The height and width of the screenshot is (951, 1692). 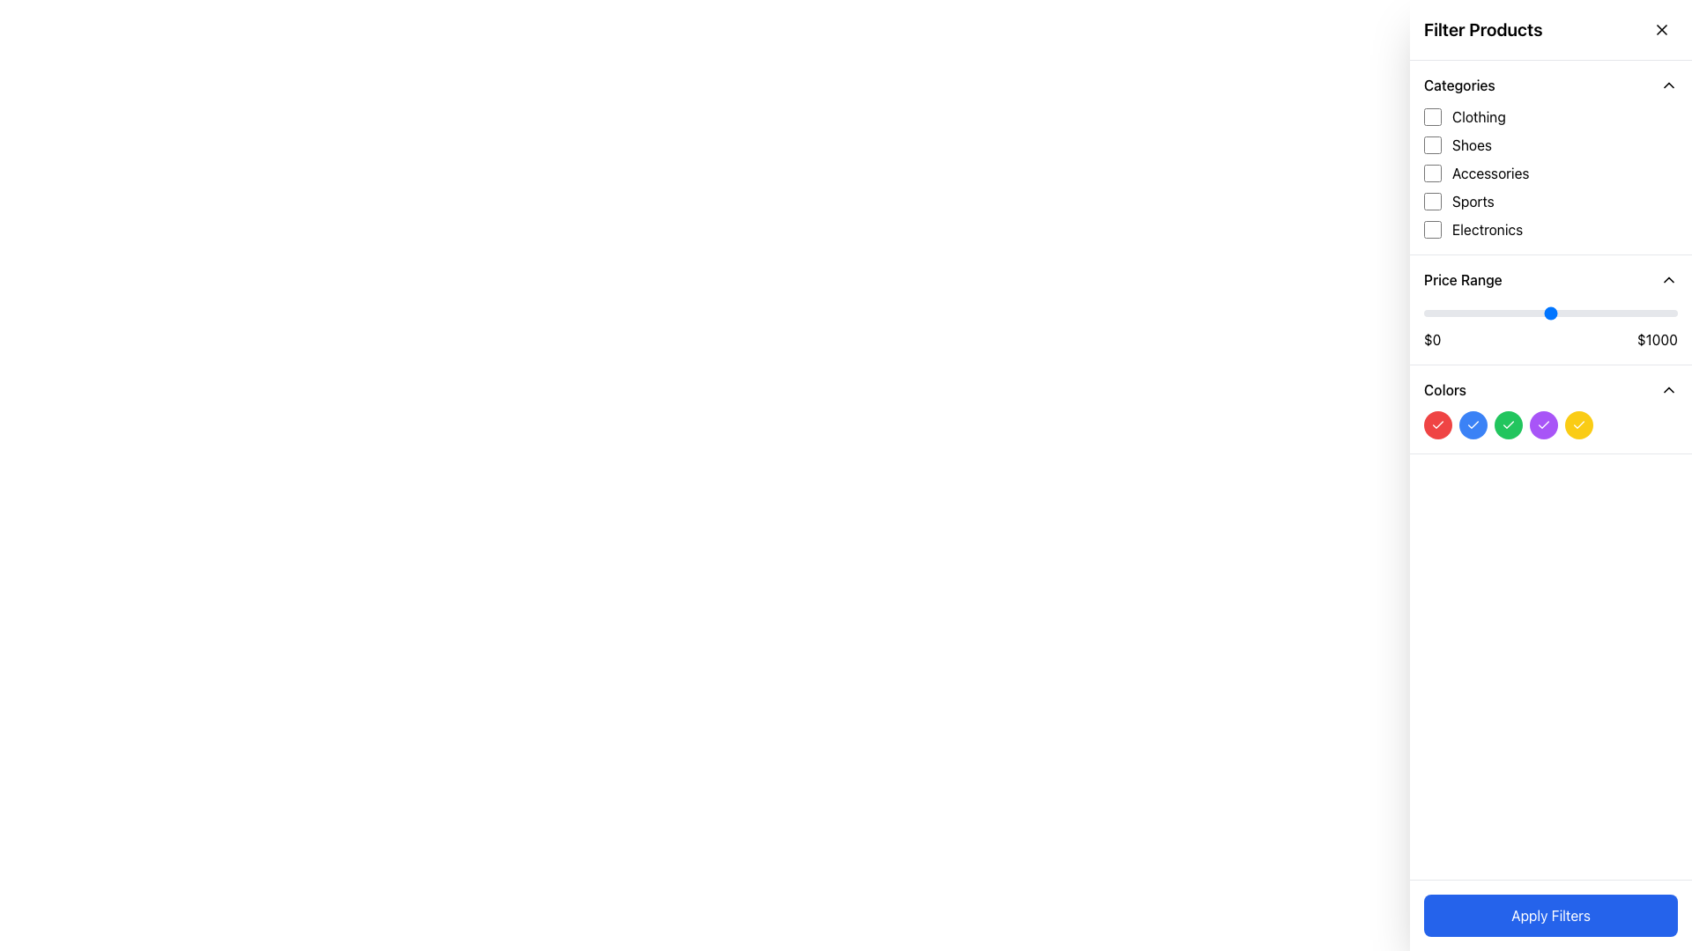 What do you see at coordinates (1445, 389) in the screenshot?
I see `the 'Colors' text label which is styled with a medium font-weight and serves as a category header in the 'Filter Products' panel under the 'Price Range' section` at bounding box center [1445, 389].